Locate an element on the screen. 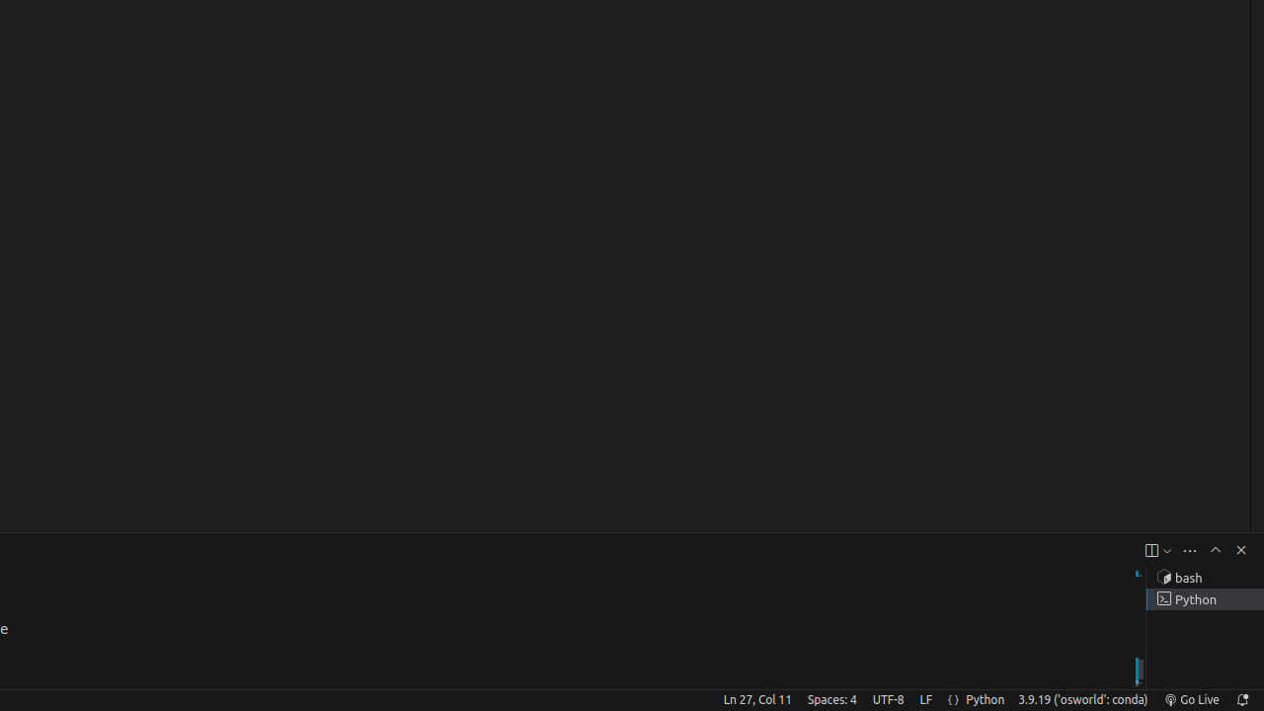  'broadcast Go Live, Click to run live server' is located at coordinates (1190, 698).